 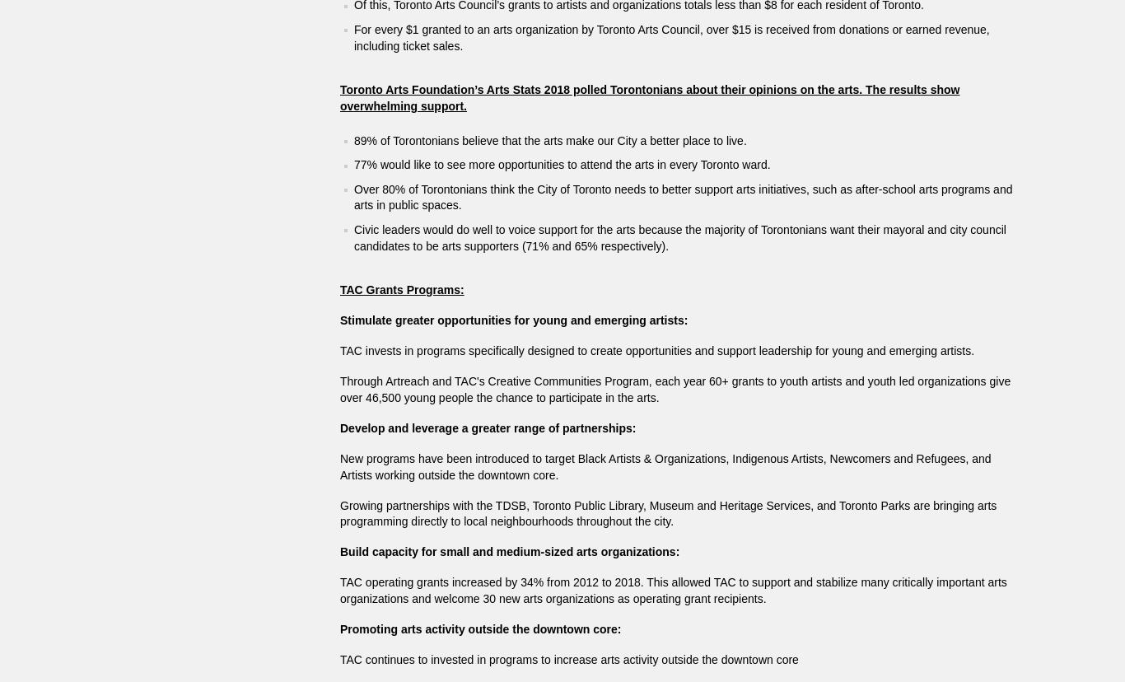 What do you see at coordinates (664, 466) in the screenshot?
I see `'New programs have been introduced to target Black Artists & Organizations, Indigenous Artists, Newcomers and Refugees, and Artists working outside the downtown core.'` at bounding box center [664, 466].